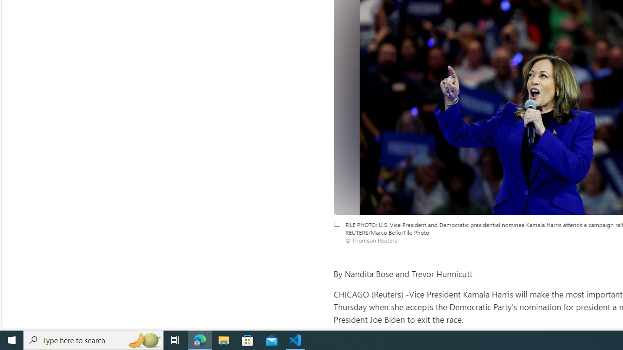  What do you see at coordinates (295, 339) in the screenshot?
I see `'Visual Studio Code - 1 running window'` at bounding box center [295, 339].